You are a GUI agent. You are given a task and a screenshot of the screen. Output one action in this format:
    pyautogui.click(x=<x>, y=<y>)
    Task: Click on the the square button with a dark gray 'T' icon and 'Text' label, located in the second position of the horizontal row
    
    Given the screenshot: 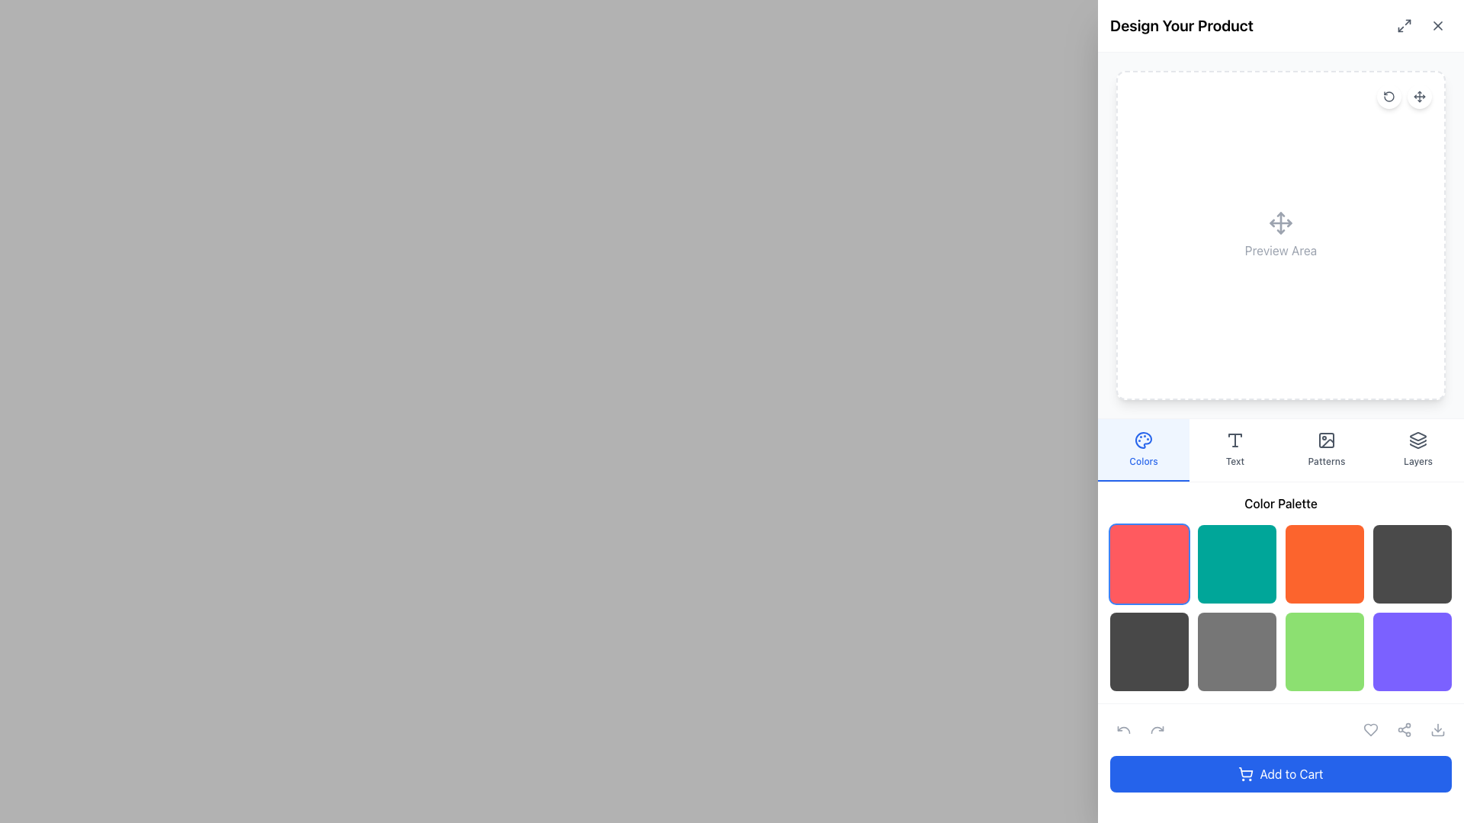 What is the action you would take?
    pyautogui.click(x=1235, y=449)
    